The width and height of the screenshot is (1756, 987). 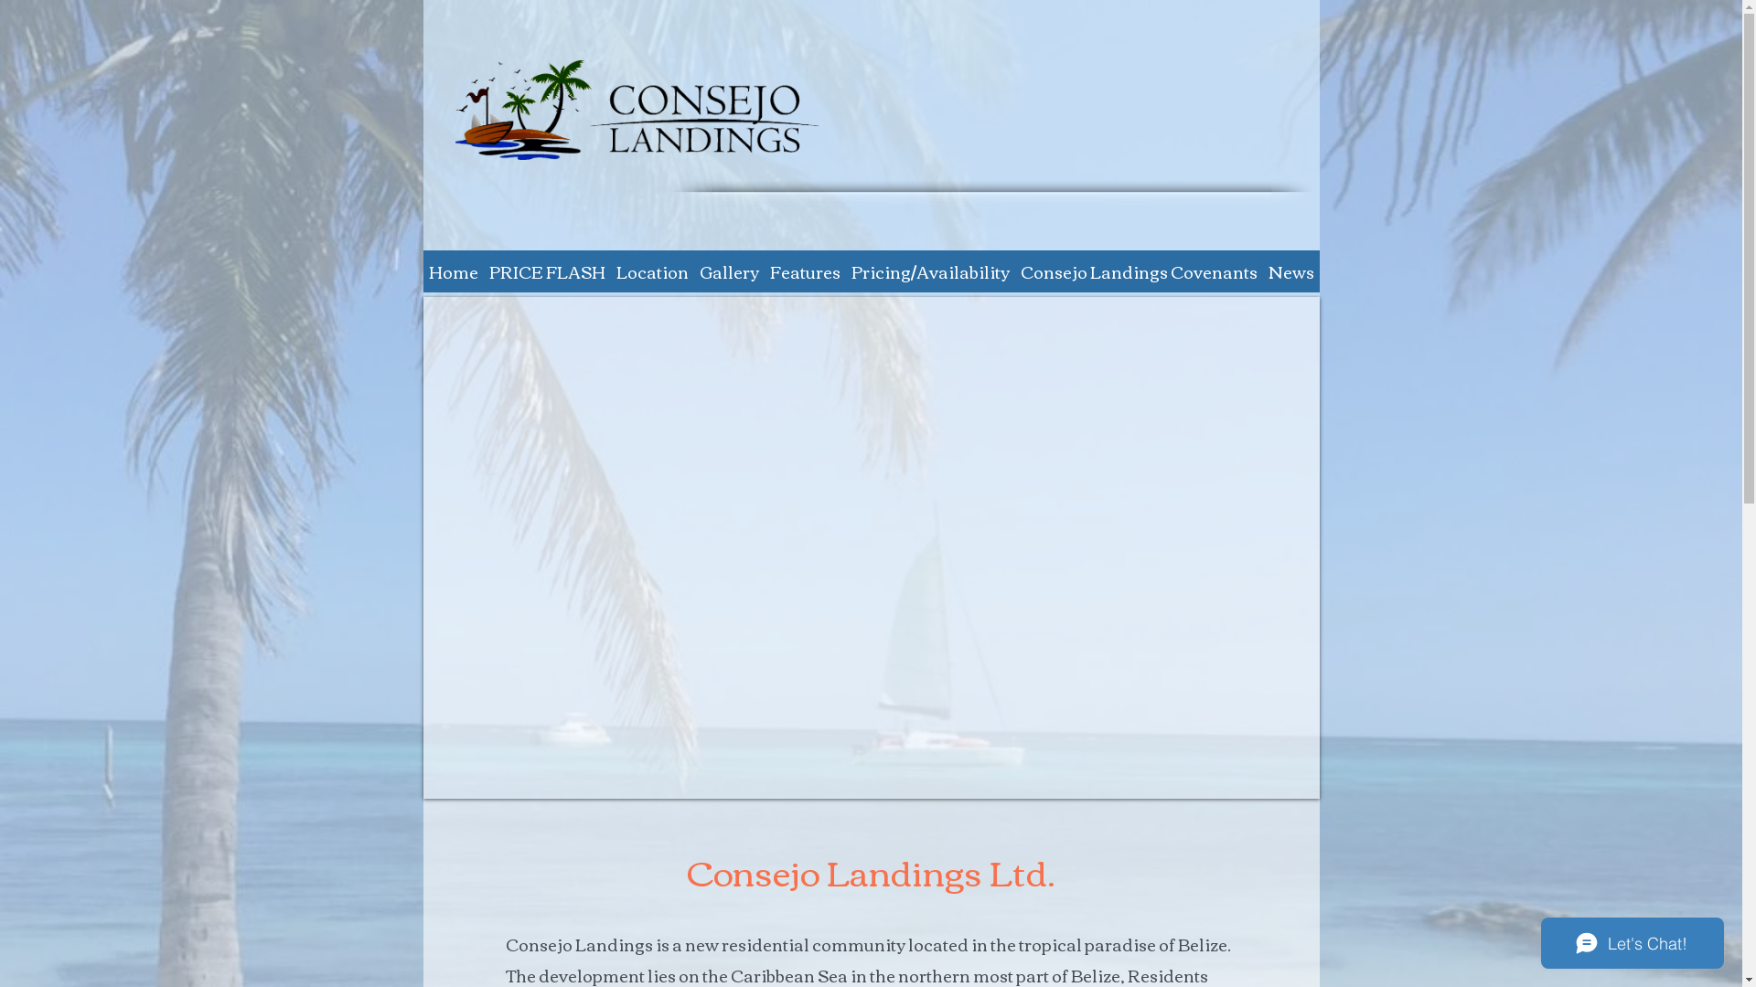 I want to click on 'PRICE FLASH', so click(x=545, y=271).